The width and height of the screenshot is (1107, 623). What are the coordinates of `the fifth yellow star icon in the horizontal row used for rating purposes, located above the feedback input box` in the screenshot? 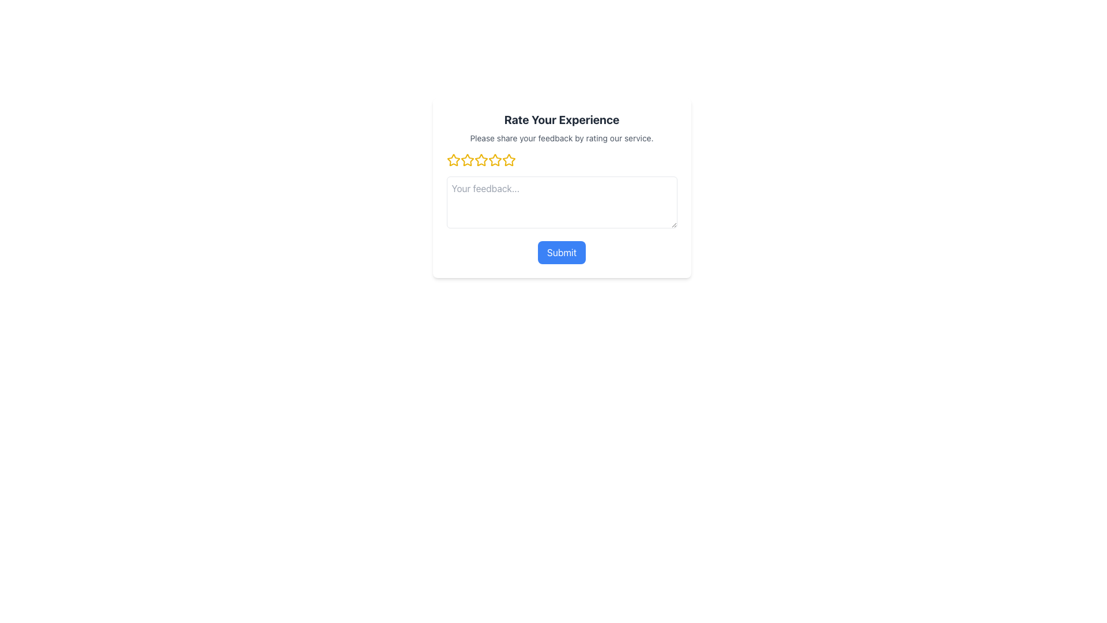 It's located at (508, 160).